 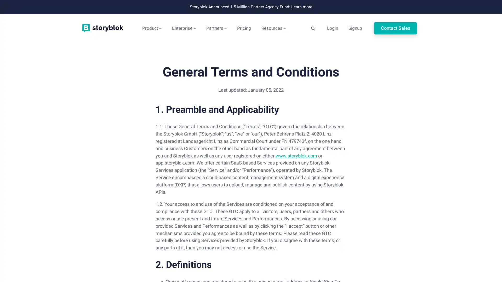 I want to click on Partners, so click(x=216, y=28).